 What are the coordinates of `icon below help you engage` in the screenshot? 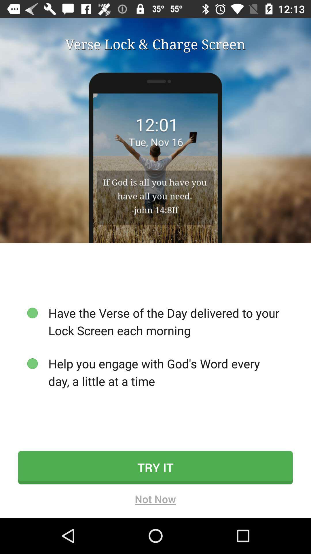 It's located at (155, 467).